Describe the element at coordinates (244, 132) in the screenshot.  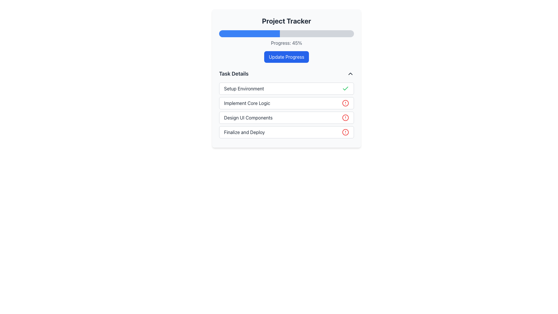
I see `the static text label that reads 'Finalize and Deploy', which is located within the 'Task Details' section as the last item in a vertically arranged list` at that location.